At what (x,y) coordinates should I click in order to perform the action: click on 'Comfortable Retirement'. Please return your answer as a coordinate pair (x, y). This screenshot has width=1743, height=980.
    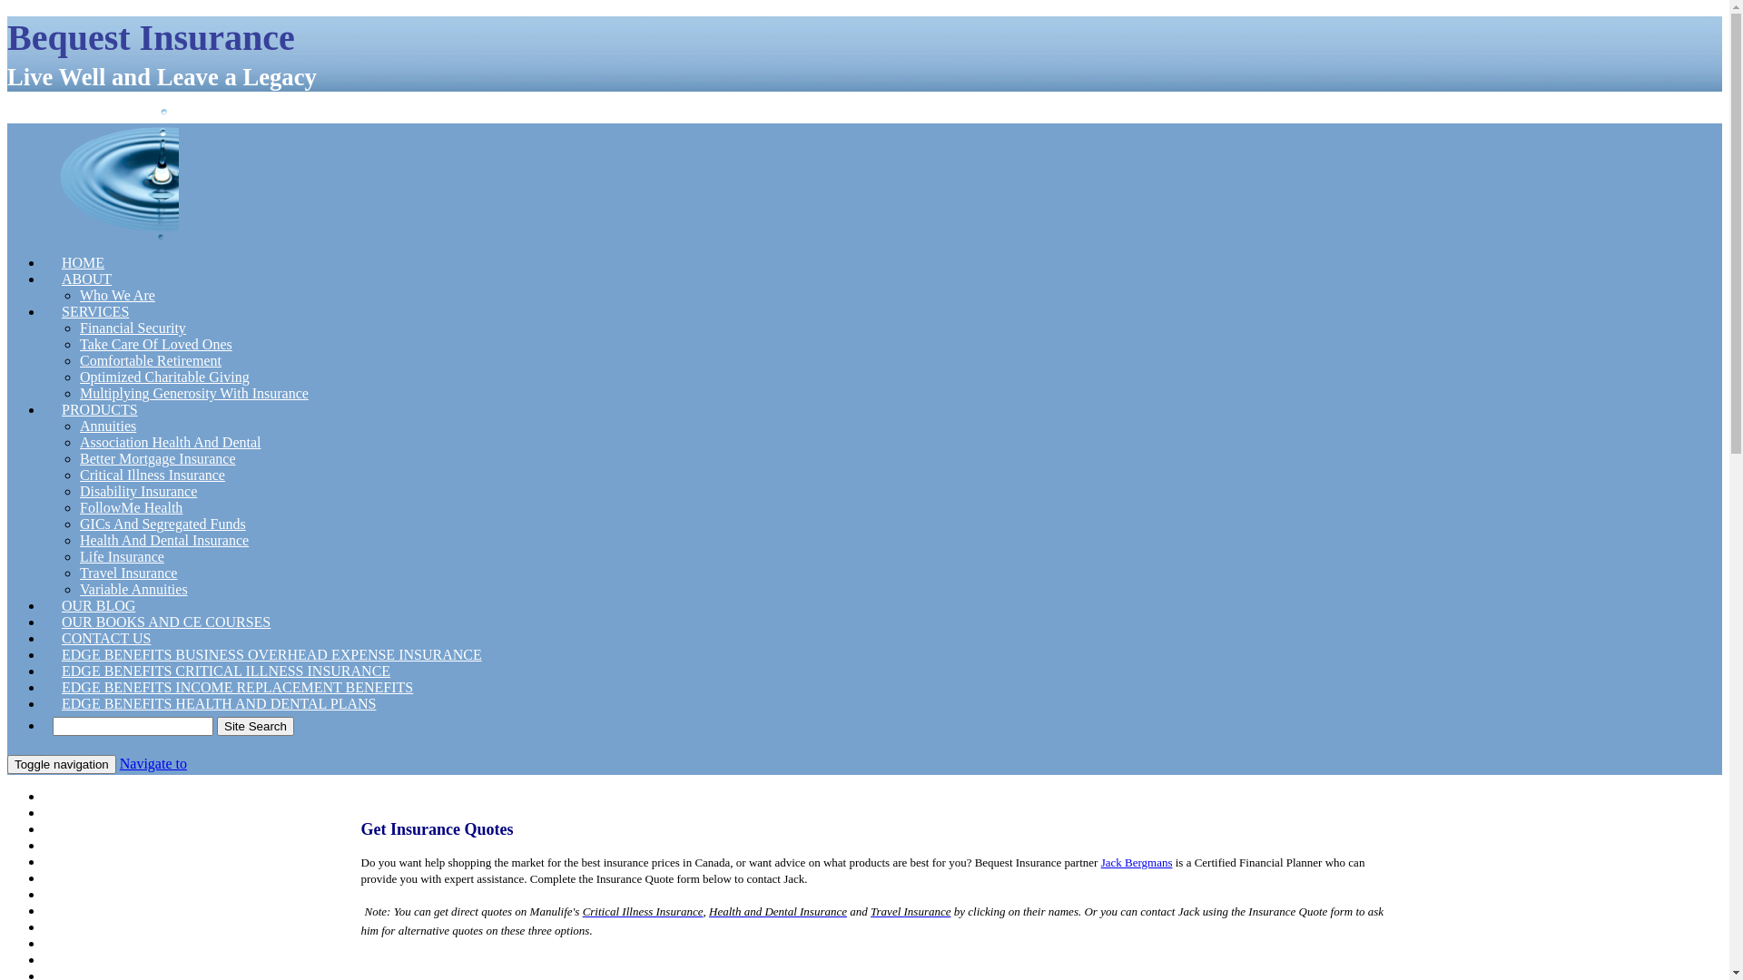
    Looking at the image, I should click on (151, 360).